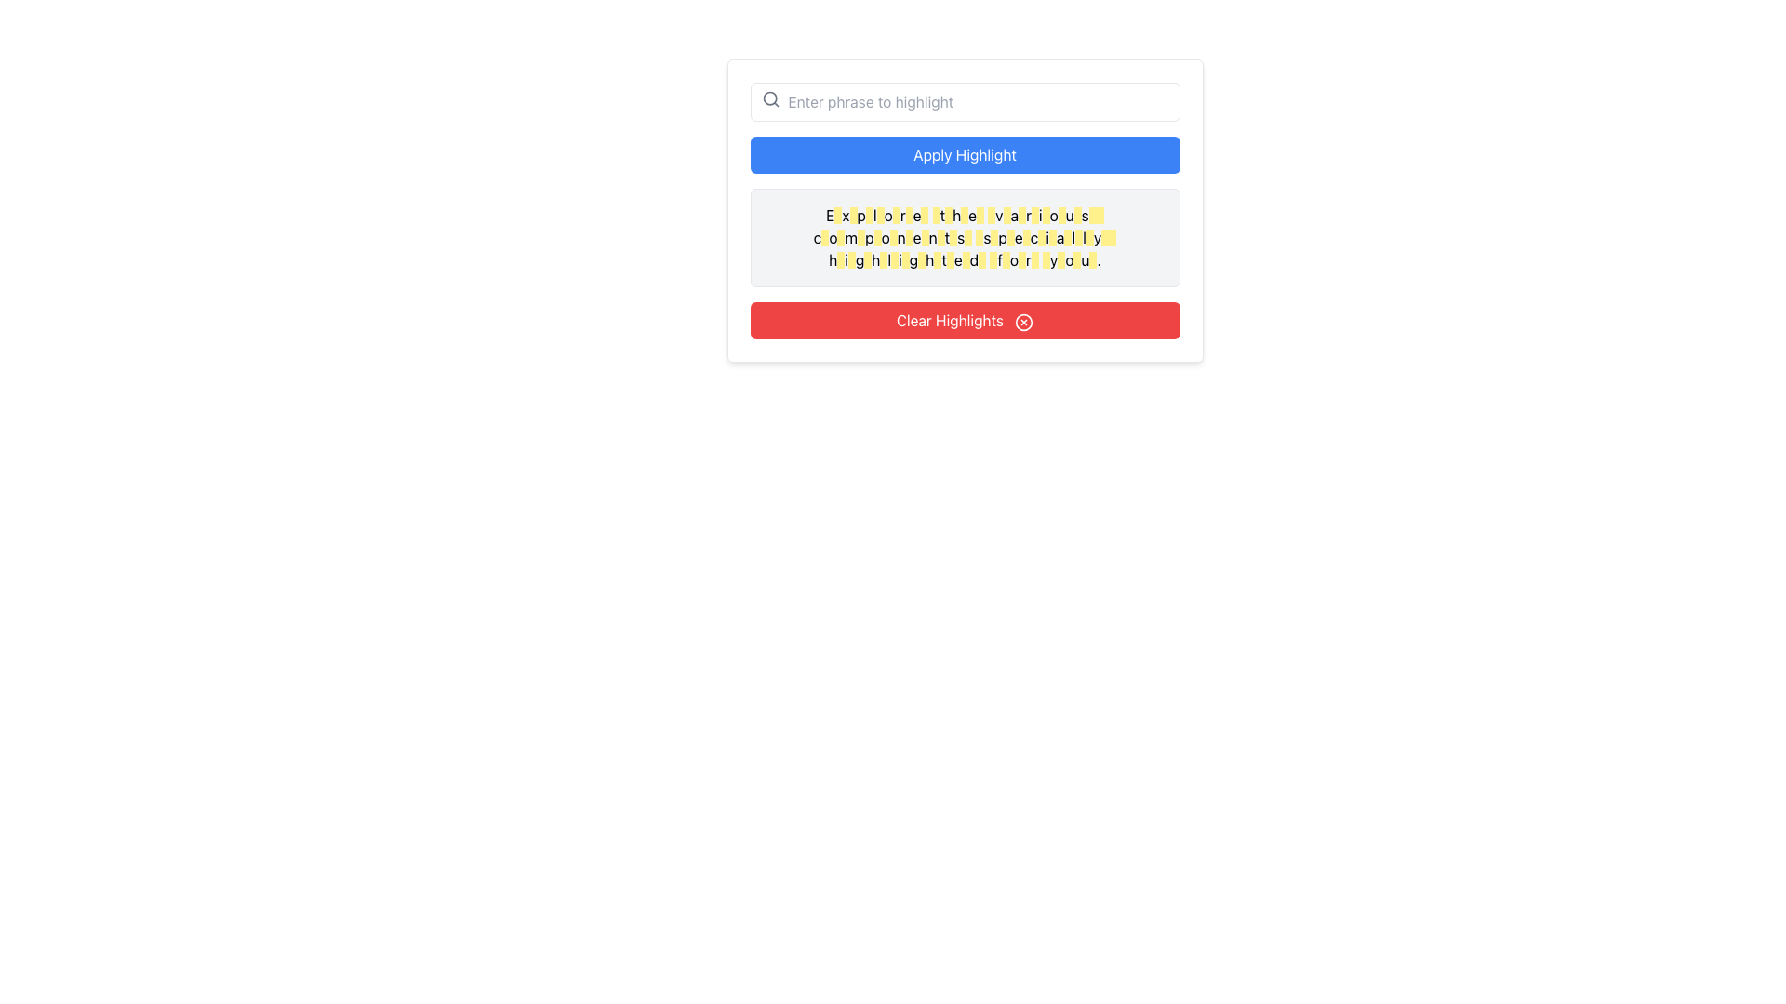 This screenshot has height=1004, width=1786. What do you see at coordinates (980, 214) in the screenshot?
I see `the highlight marker located between the letters 'h' and 'e' in the word 'highlighted' within the text 'Explore the various components specially highlighted for you.'` at bounding box center [980, 214].